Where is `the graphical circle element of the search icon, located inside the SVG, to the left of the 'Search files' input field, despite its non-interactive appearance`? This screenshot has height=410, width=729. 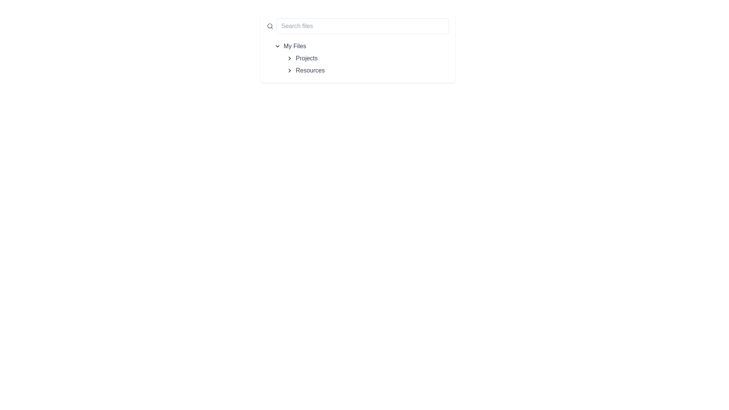
the graphical circle element of the search icon, located inside the SVG, to the left of the 'Search files' input field, despite its non-interactive appearance is located at coordinates (270, 25).